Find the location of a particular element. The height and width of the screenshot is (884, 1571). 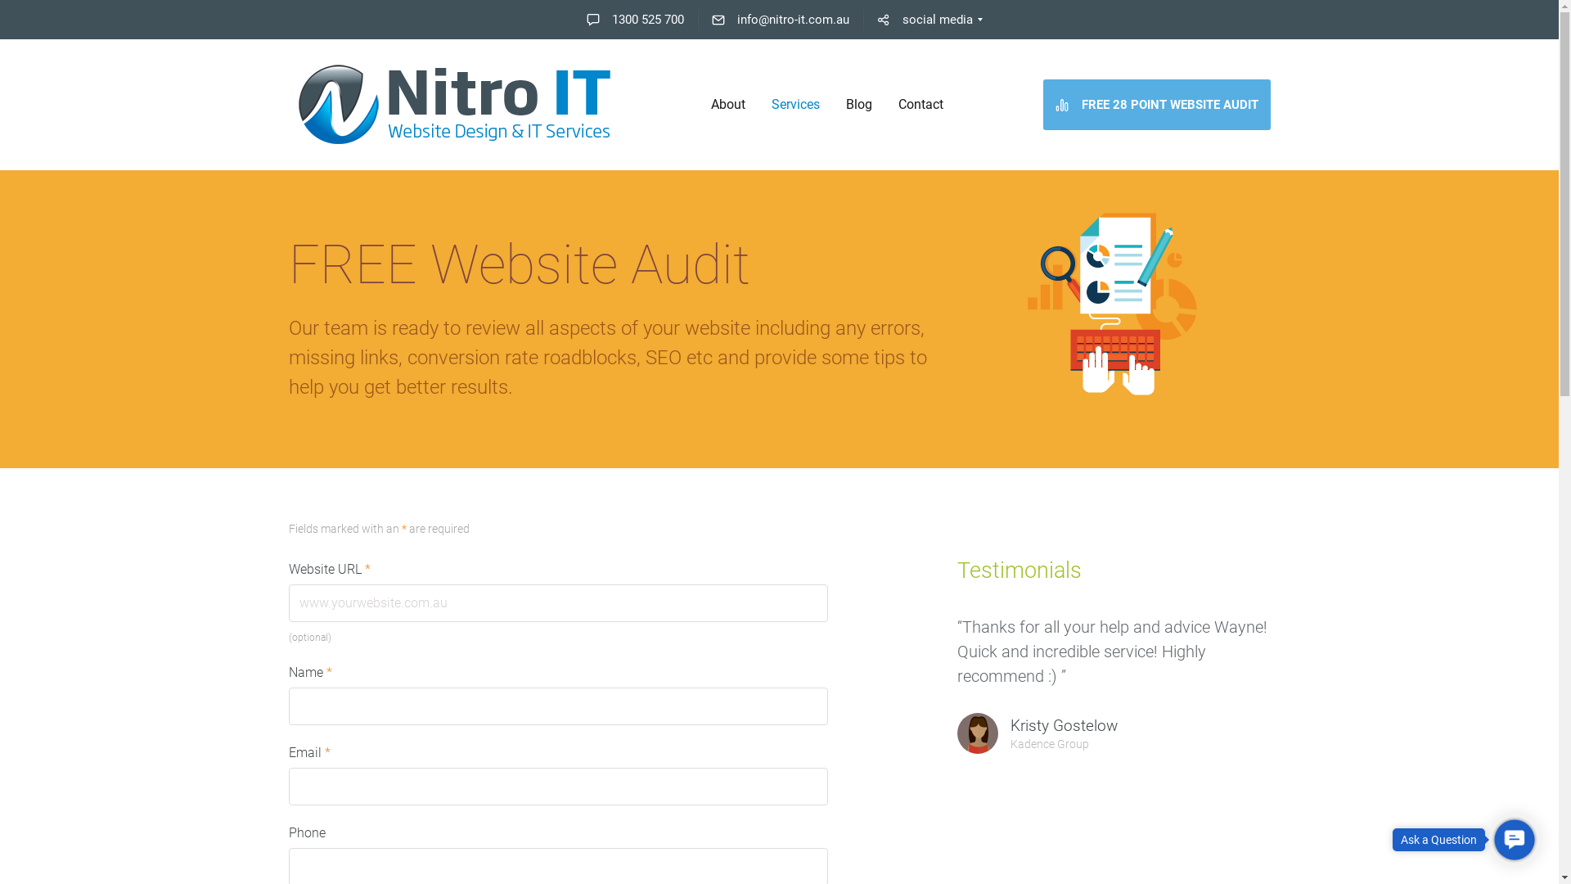

'Services' is located at coordinates (795, 104).